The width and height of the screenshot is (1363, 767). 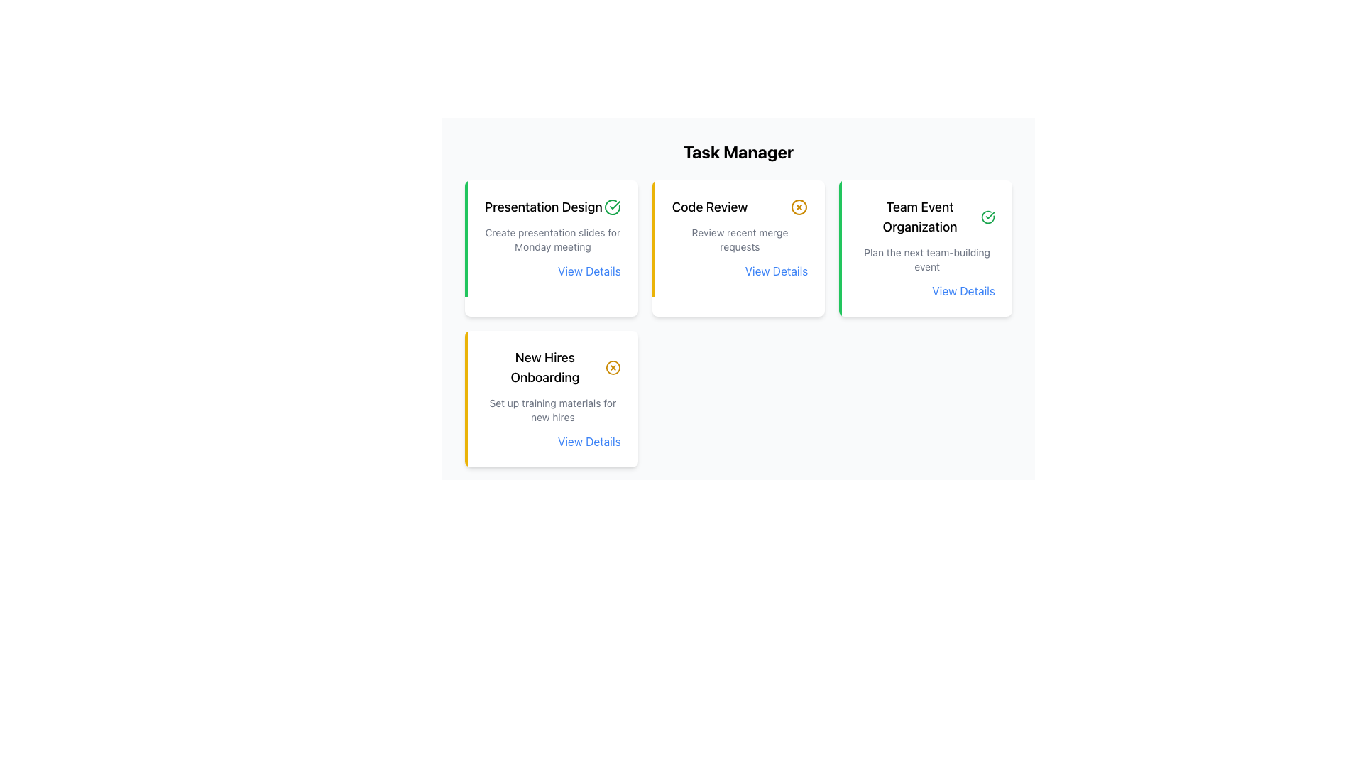 I want to click on the hyperlink located at the bottom of the 'Presentation Design' card, so click(x=589, y=271).